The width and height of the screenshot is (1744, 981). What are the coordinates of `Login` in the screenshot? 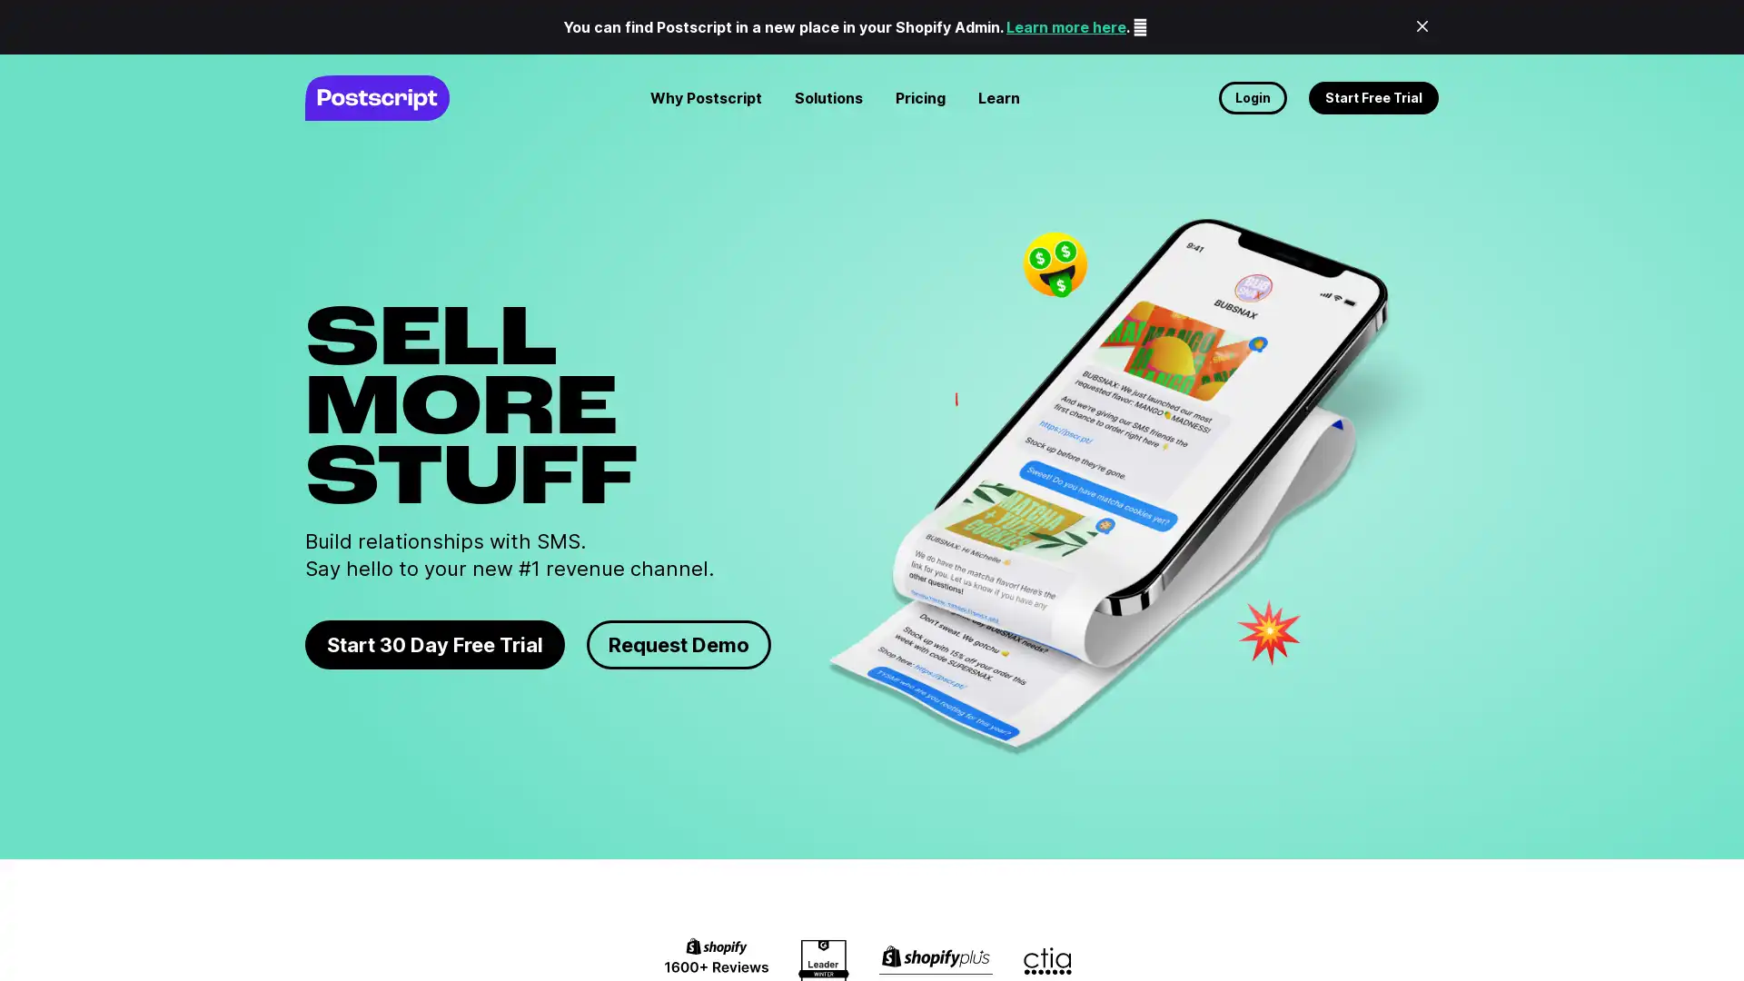 It's located at (1252, 97).